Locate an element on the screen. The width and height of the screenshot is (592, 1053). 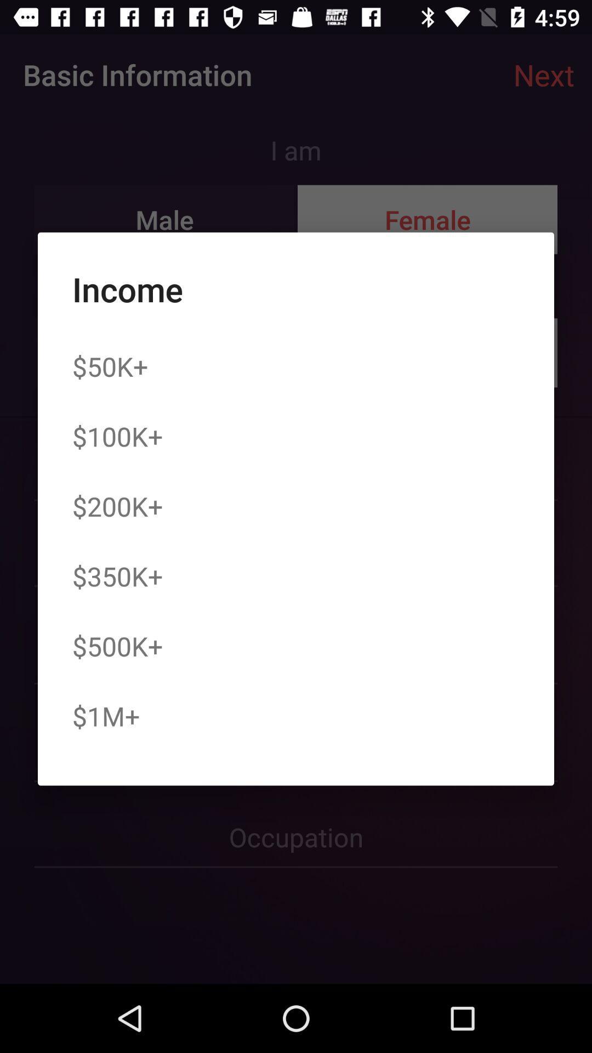
the $100k+ icon is located at coordinates (117, 435).